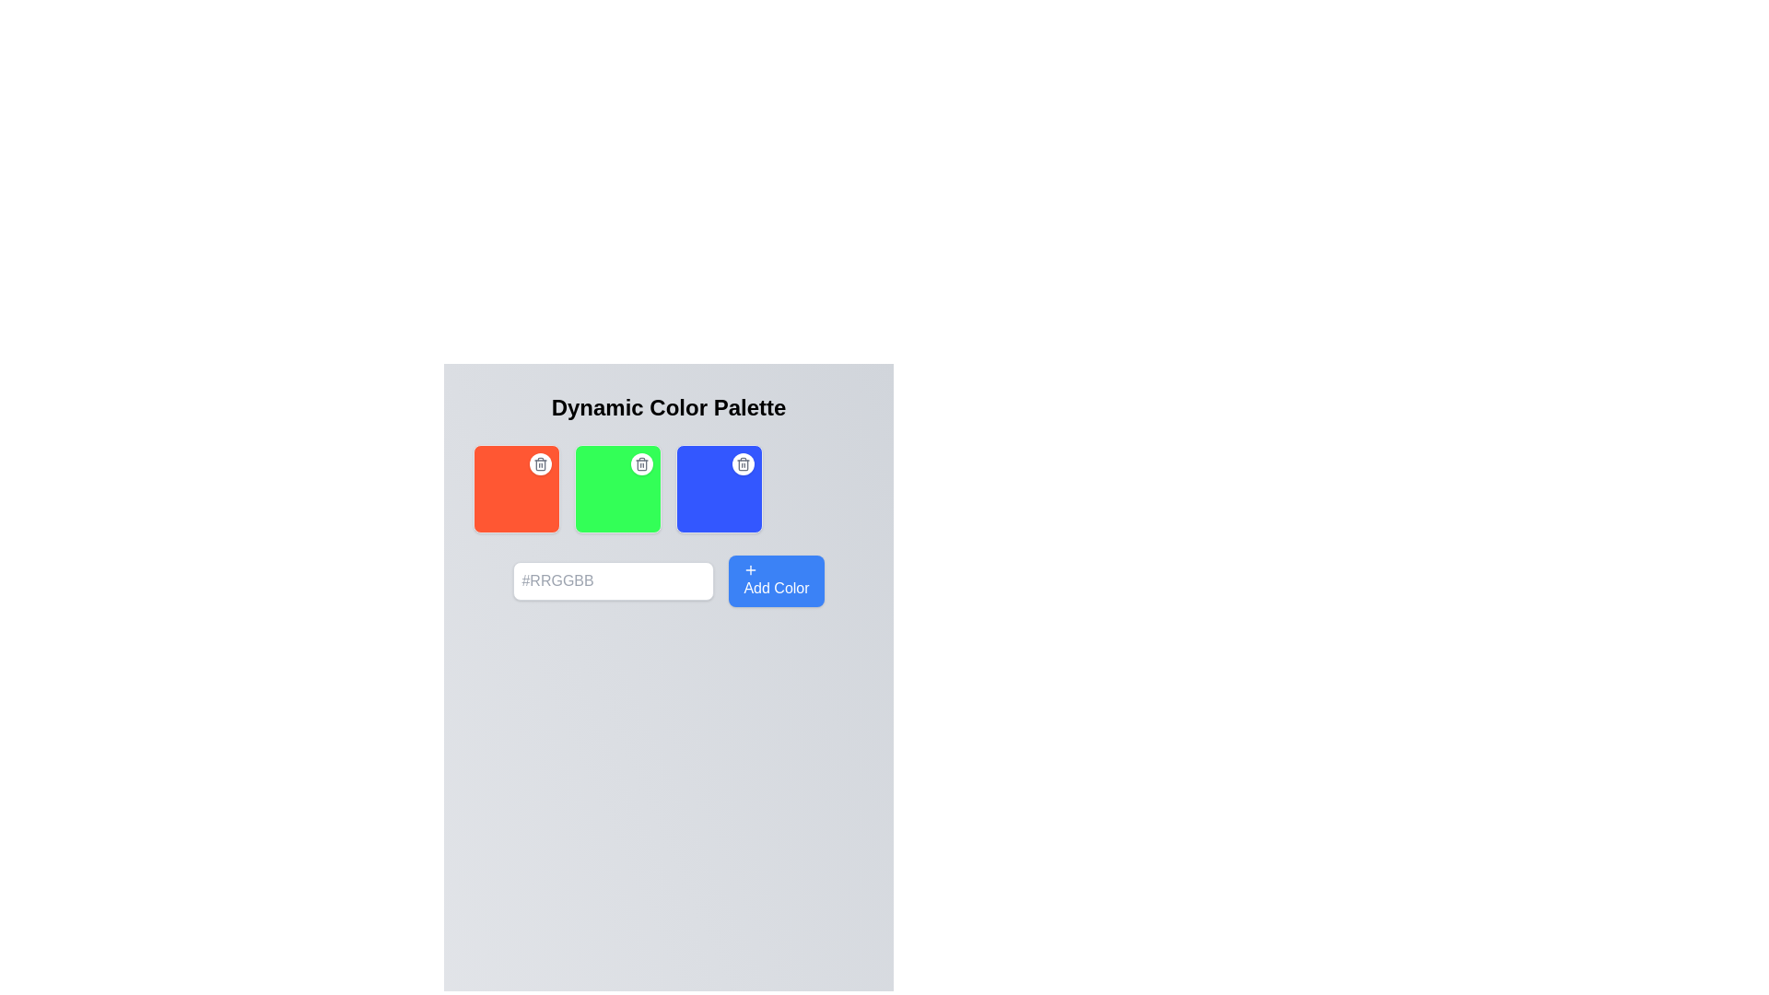 The width and height of the screenshot is (1769, 995). Describe the element at coordinates (614, 581) in the screenshot. I see `the input field for hexadecimal color code located near the bottom of the color-related controls` at that location.